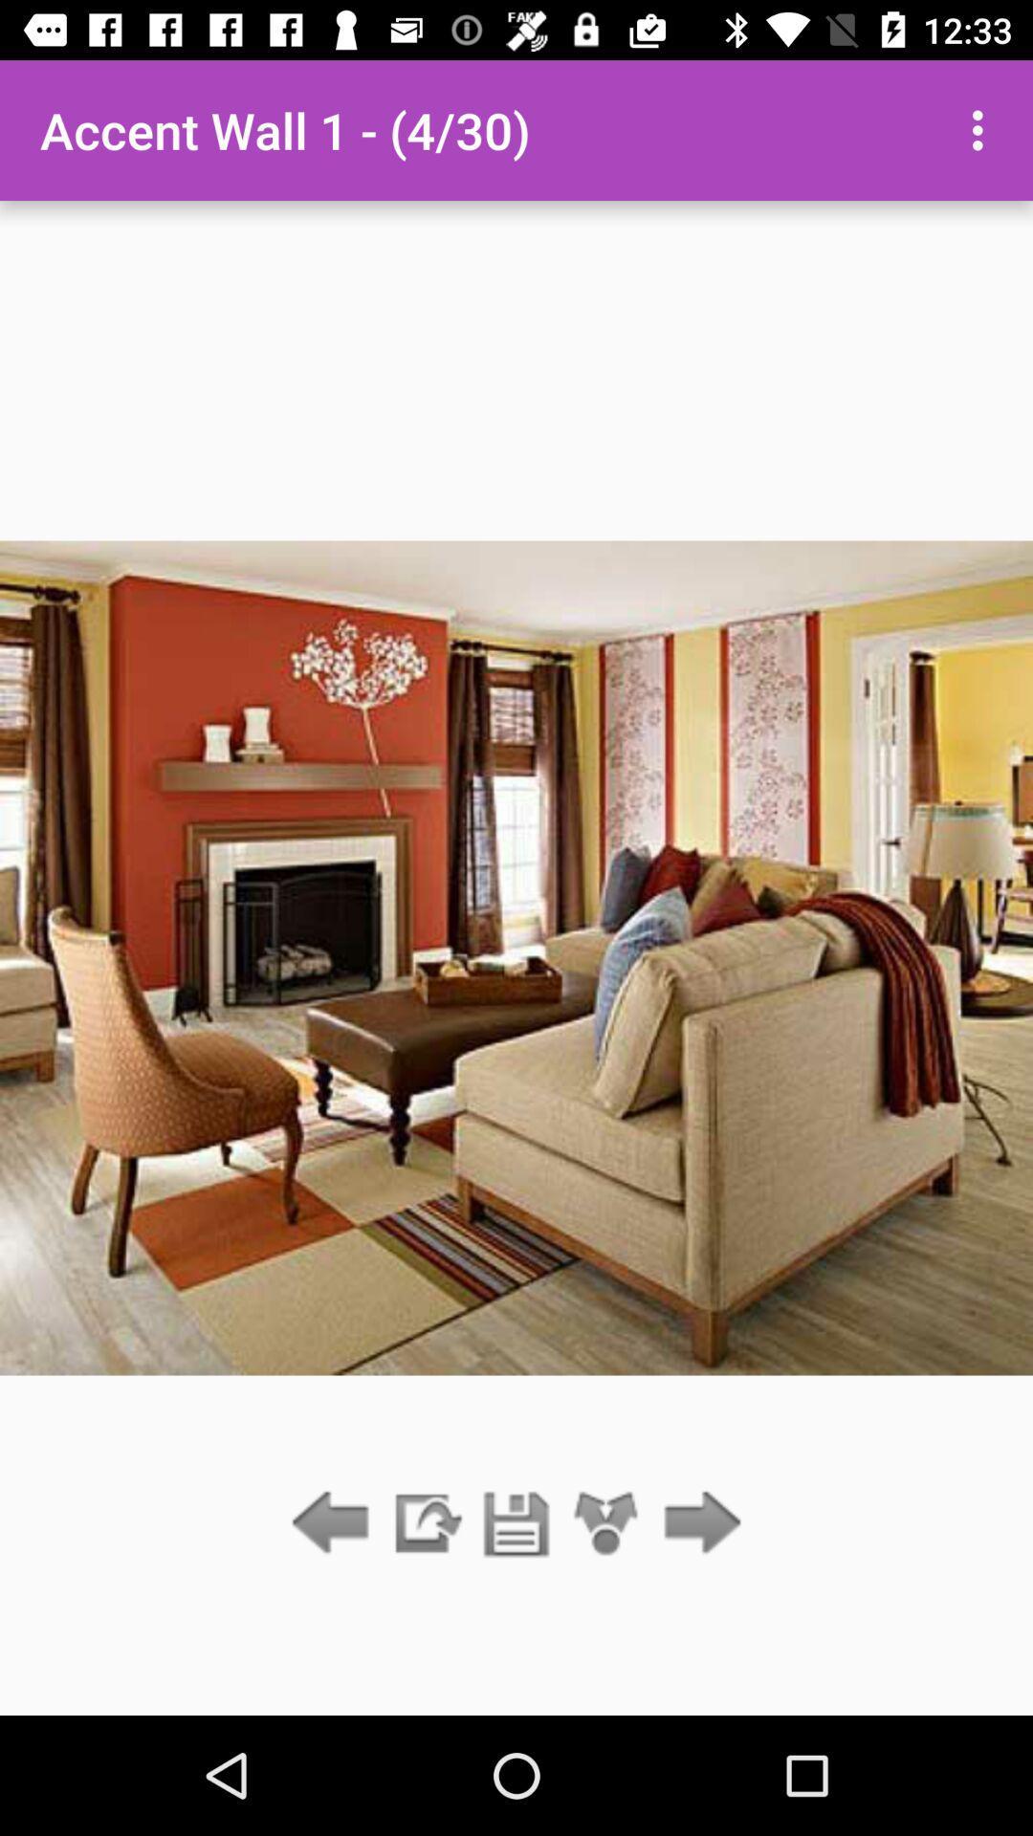 This screenshot has width=1033, height=1836. I want to click on app next to the accent wall 1 item, so click(982, 129).